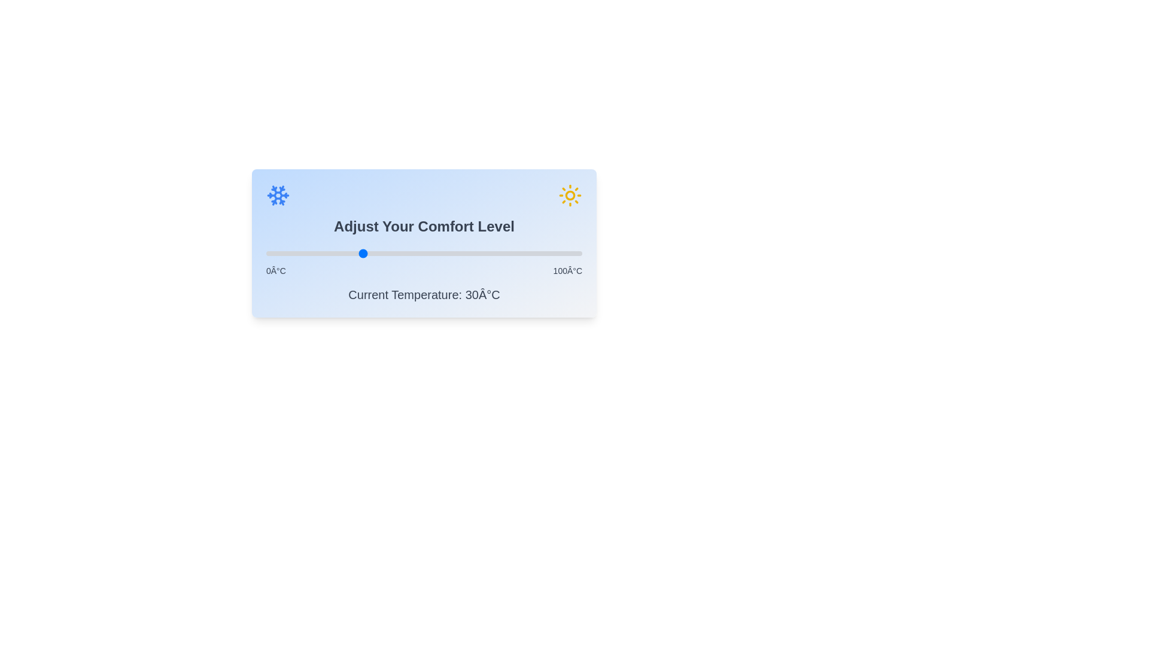  What do you see at coordinates (310, 253) in the screenshot?
I see `the temperature slider to 14°C` at bounding box center [310, 253].